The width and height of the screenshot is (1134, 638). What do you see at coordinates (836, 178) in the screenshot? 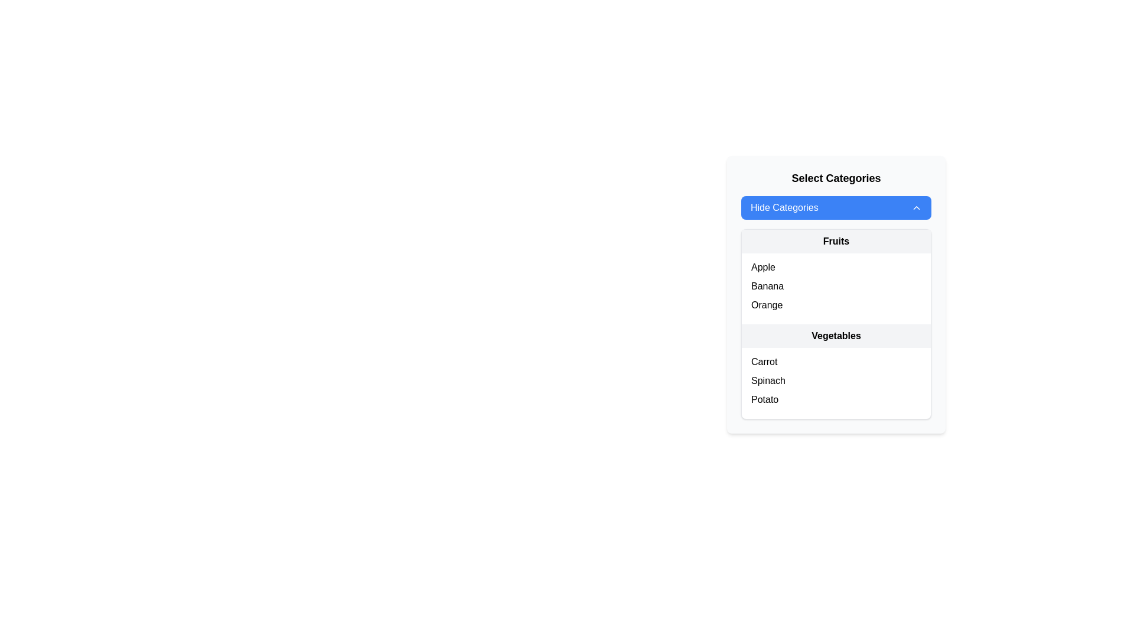
I see `the 'Select Categories' text label, which is a large and bold black font on a white background located at the top of the user interface section` at bounding box center [836, 178].